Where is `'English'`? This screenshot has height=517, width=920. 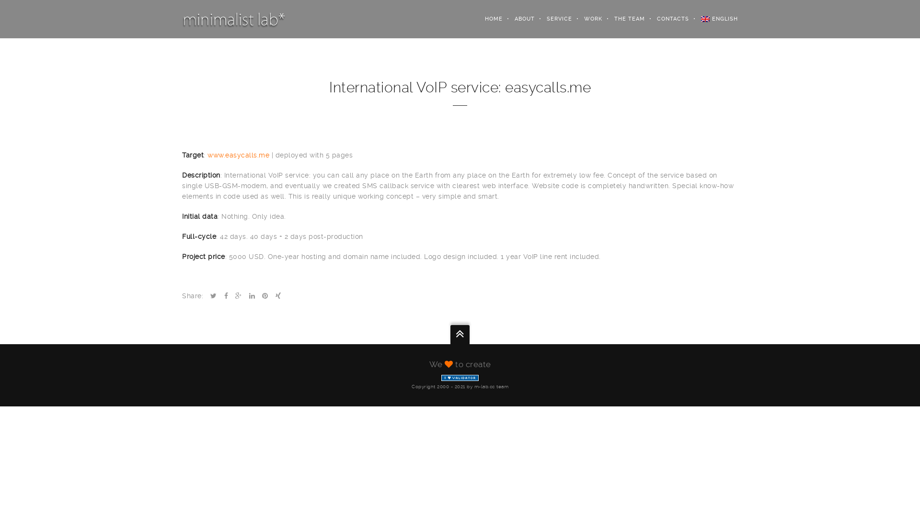 'English' is located at coordinates (705, 19).